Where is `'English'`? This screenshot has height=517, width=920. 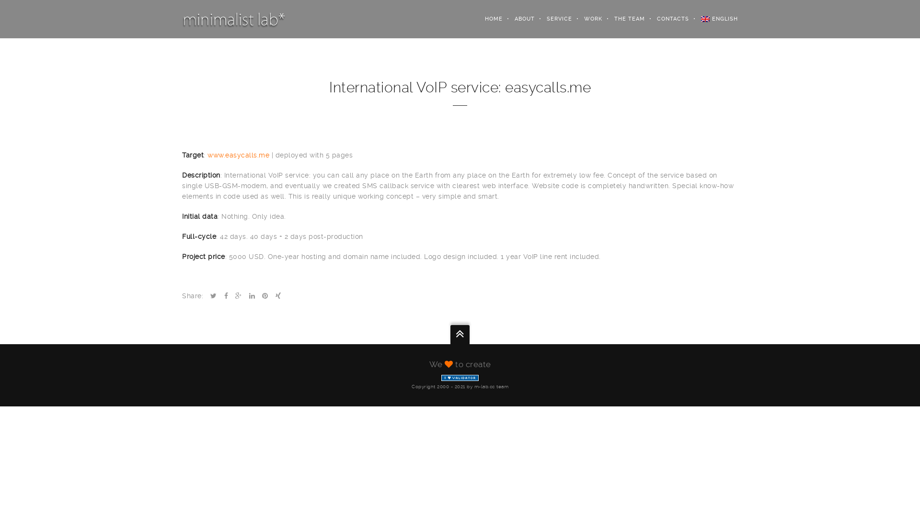 'English' is located at coordinates (705, 19).